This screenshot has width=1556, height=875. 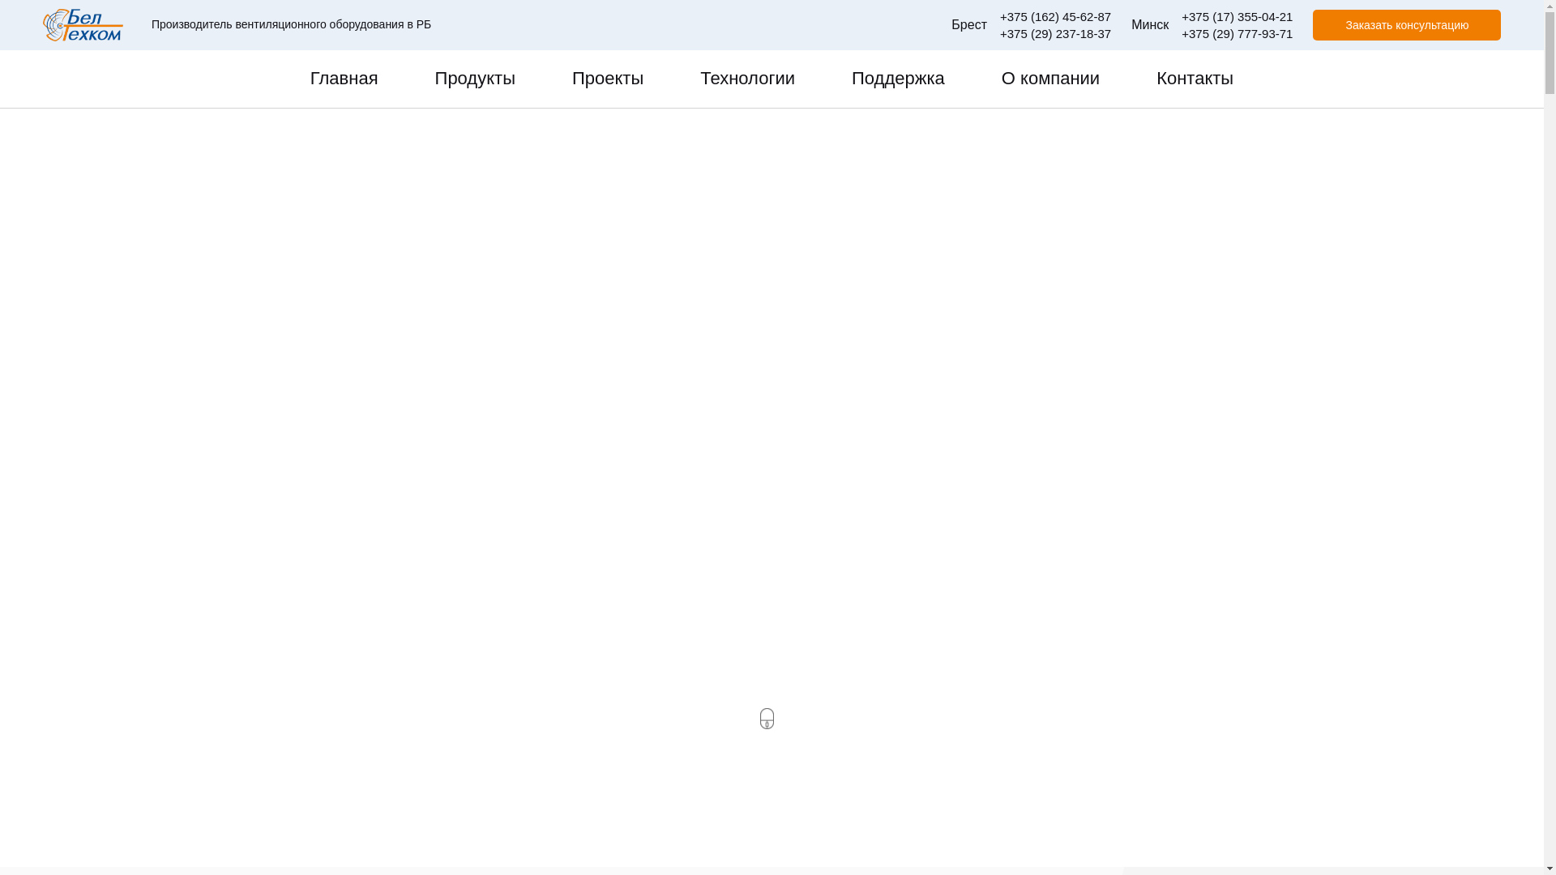 I want to click on '+375 (29) 777-93-71', so click(x=1236, y=33).